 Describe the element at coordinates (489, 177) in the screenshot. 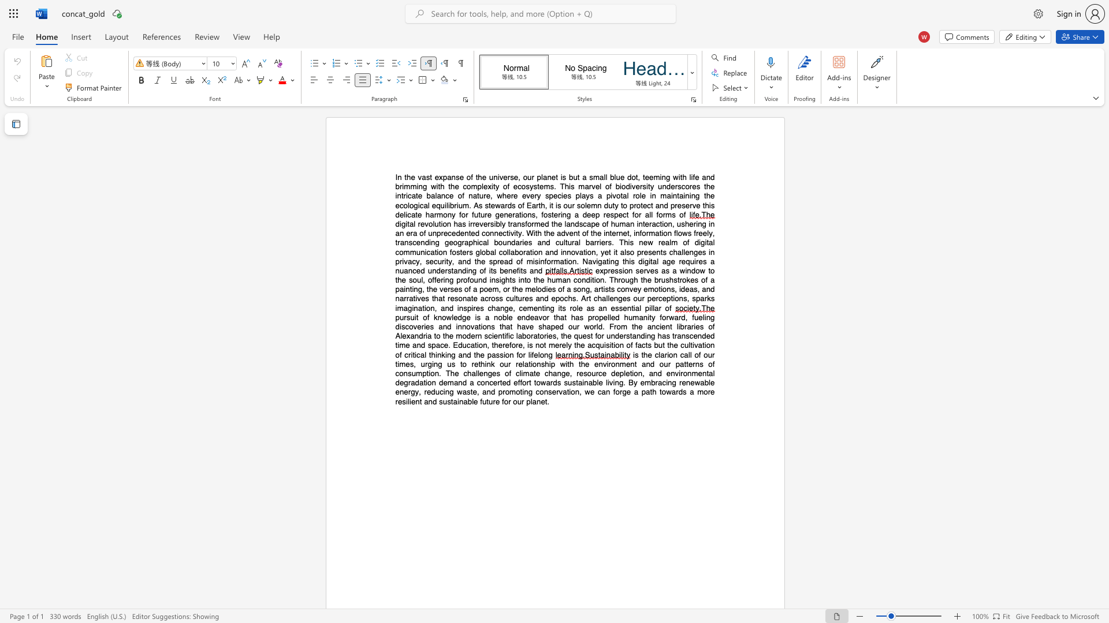

I see `the subset text "universe, our planet is but a small blue dot, teeming with life and brimming with the complexity" within the text "In the vast expanse of the universe, our planet is but a small blue dot, teeming with life and brimming with the complexity of ecosystems. This marvel of biodiversity underscores the intricate balance of nature, where every species plays a pivotal role in"` at that location.